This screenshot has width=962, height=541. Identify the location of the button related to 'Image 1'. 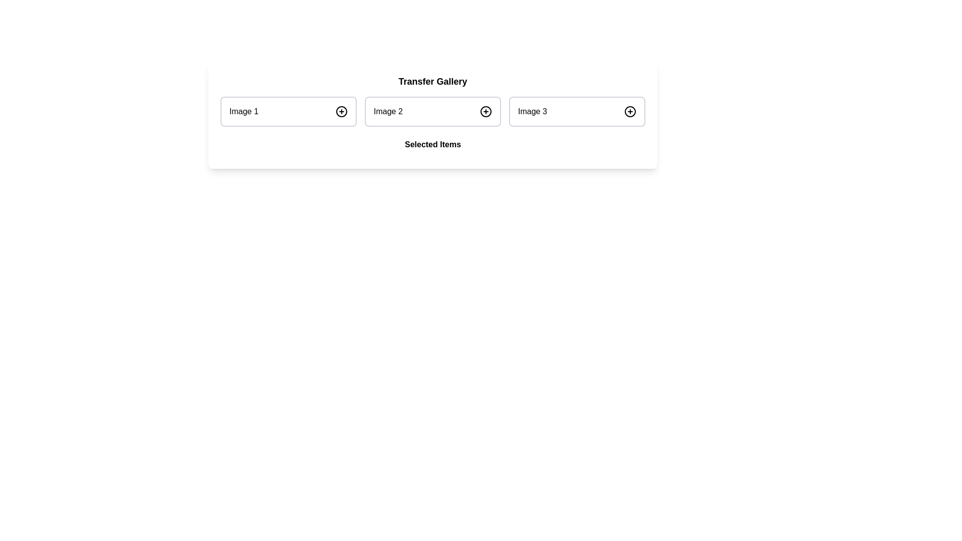
(341, 112).